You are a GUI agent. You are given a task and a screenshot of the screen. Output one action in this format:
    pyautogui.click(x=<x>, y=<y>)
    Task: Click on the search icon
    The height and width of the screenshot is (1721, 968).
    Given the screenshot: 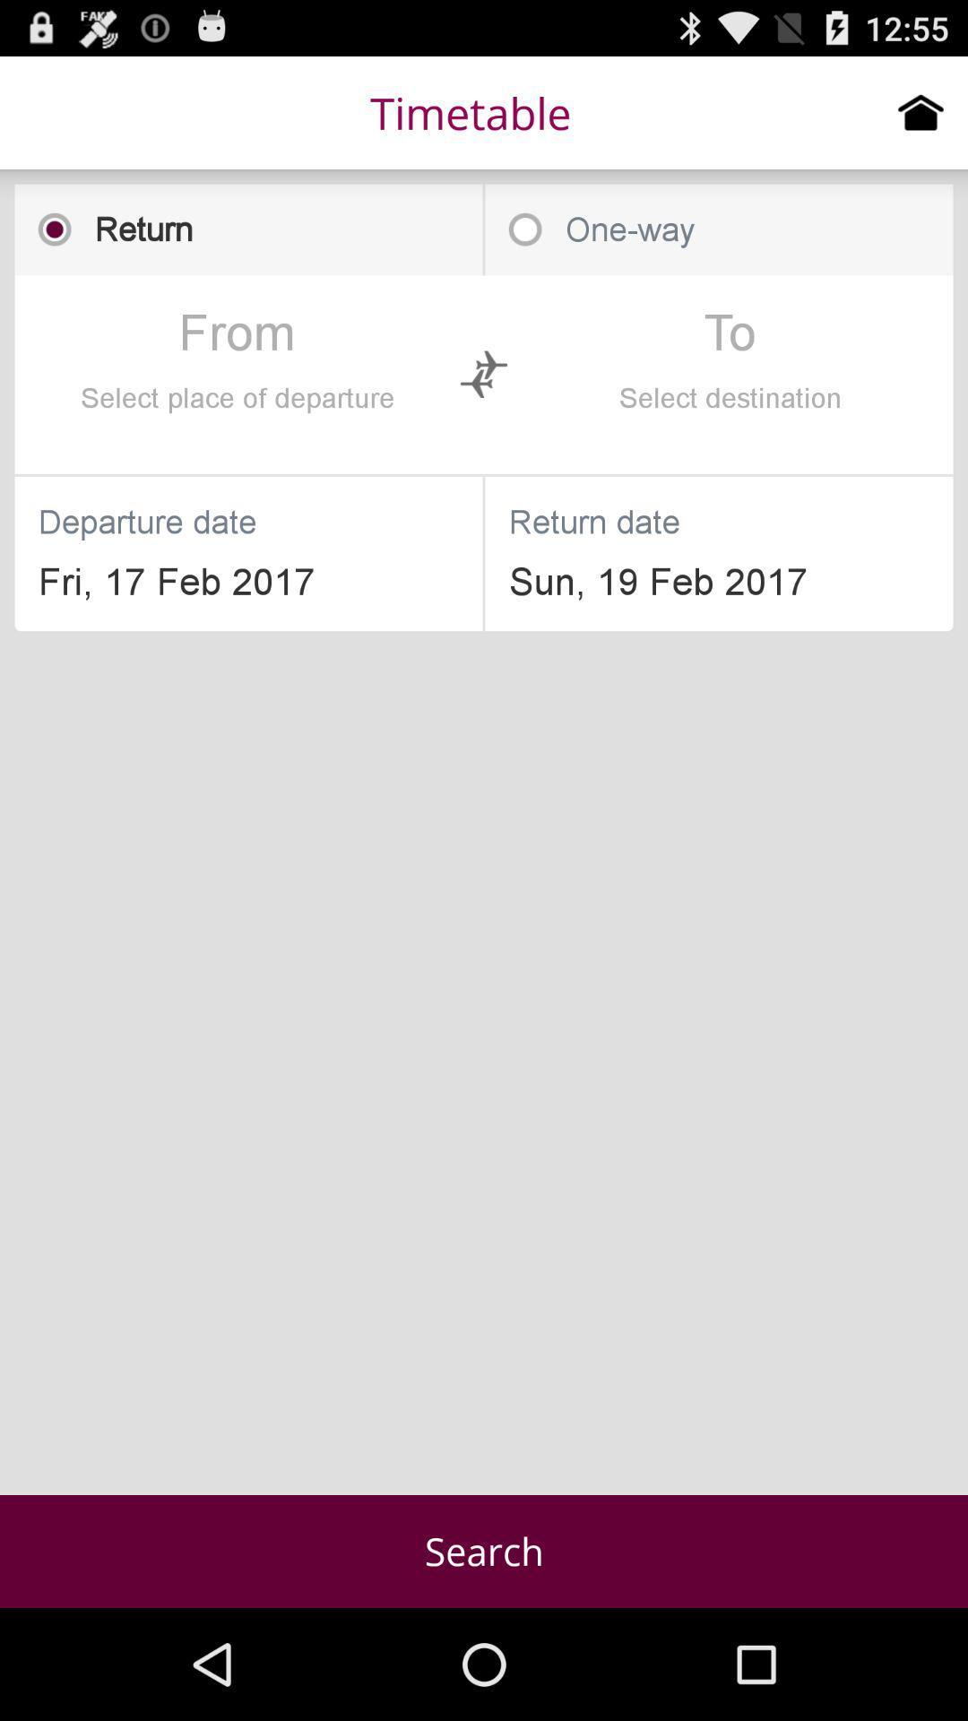 What is the action you would take?
    pyautogui.click(x=484, y=1551)
    